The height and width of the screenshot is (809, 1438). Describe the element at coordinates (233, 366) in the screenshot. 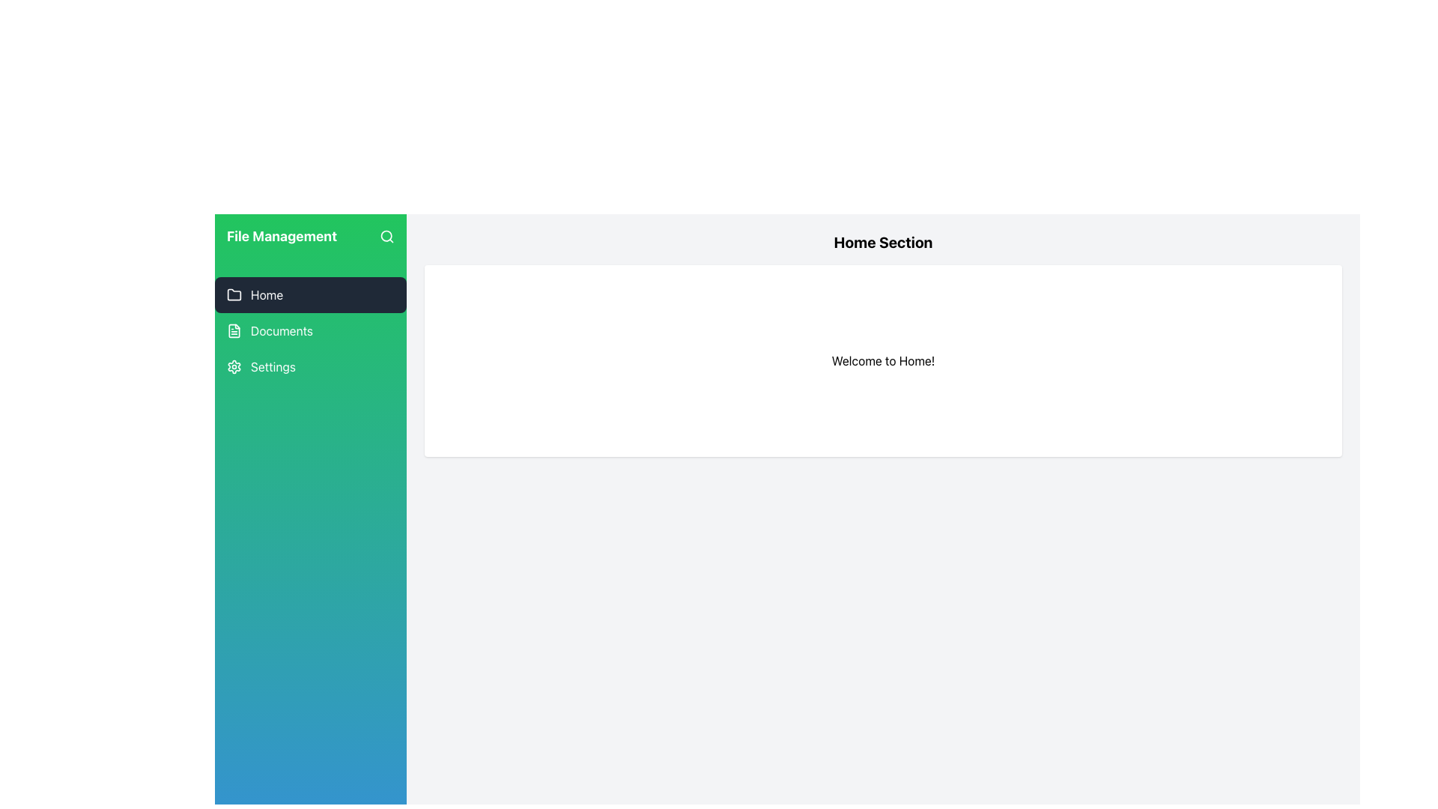

I see `the gear-shaped icon located in the navigation sidebar under the 'Settings' option` at that location.